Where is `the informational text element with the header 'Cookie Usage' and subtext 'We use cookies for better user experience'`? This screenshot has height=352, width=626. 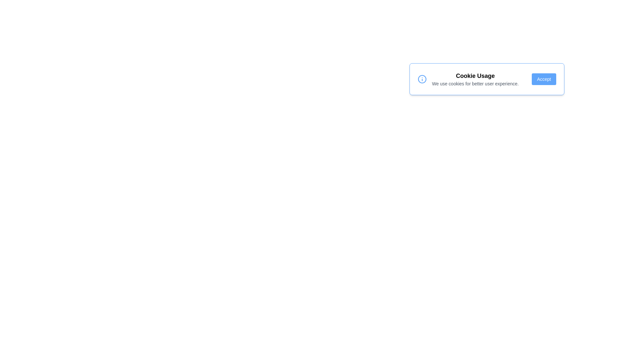
the informational text element with the header 'Cookie Usage' and subtext 'We use cookies for better user experience' is located at coordinates (468, 79).